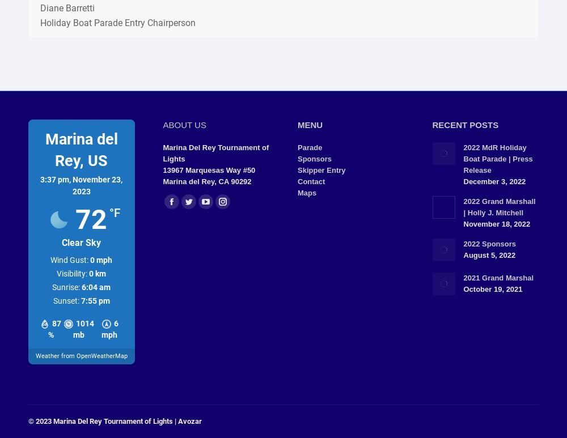 Image resolution: width=567 pixels, height=438 pixels. Describe the element at coordinates (67, 8) in the screenshot. I see `'Diane Barretti'` at that location.